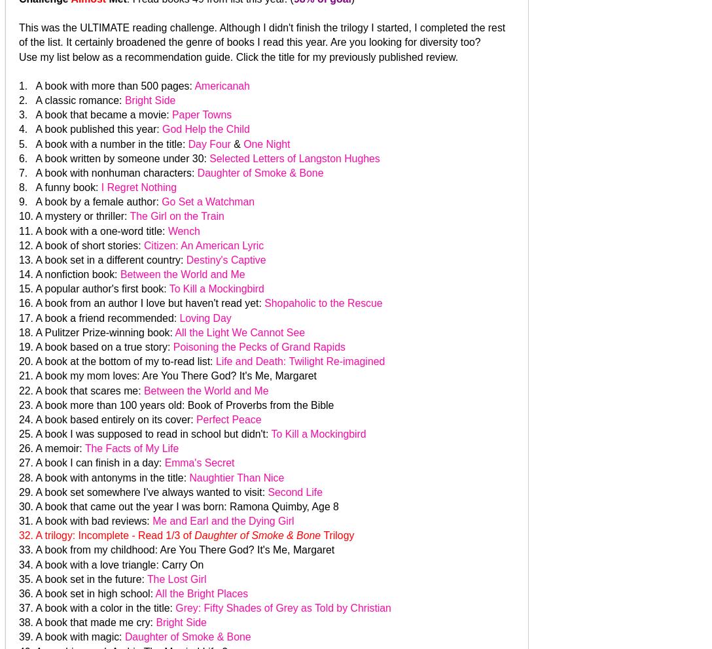 The height and width of the screenshot is (649, 712). Describe the element at coordinates (81, 389) in the screenshot. I see `'22. A book that scares me:'` at that location.